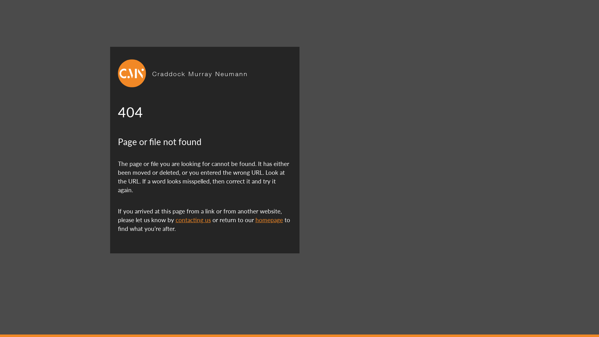 The width and height of the screenshot is (599, 337). What do you see at coordinates (200, 73) in the screenshot?
I see `'Craddock Murray Neumann'` at bounding box center [200, 73].